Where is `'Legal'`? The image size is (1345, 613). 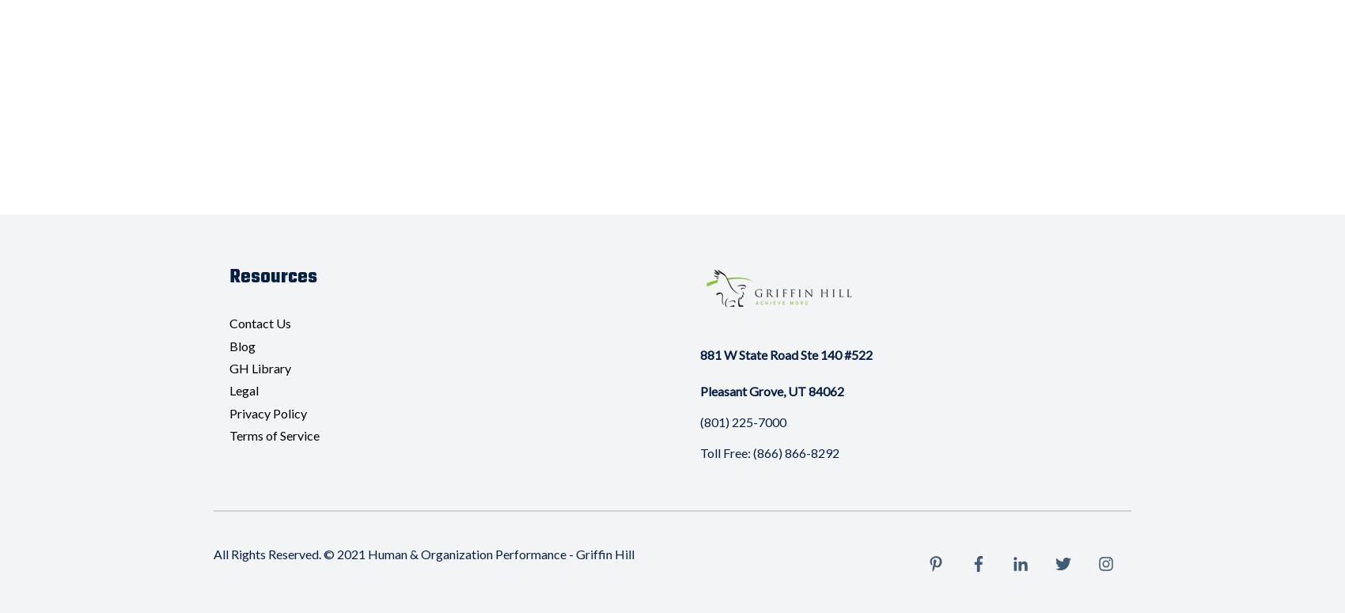 'Legal' is located at coordinates (229, 389).